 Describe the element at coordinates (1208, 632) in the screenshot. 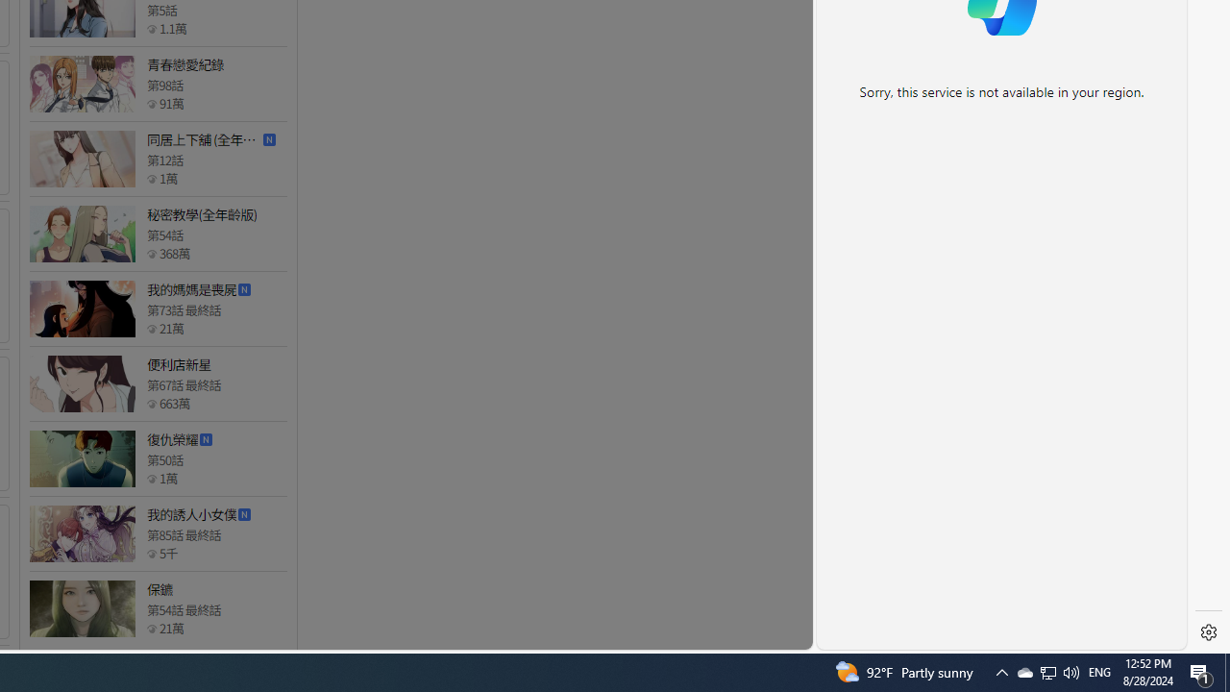

I see `'Settings'` at that location.